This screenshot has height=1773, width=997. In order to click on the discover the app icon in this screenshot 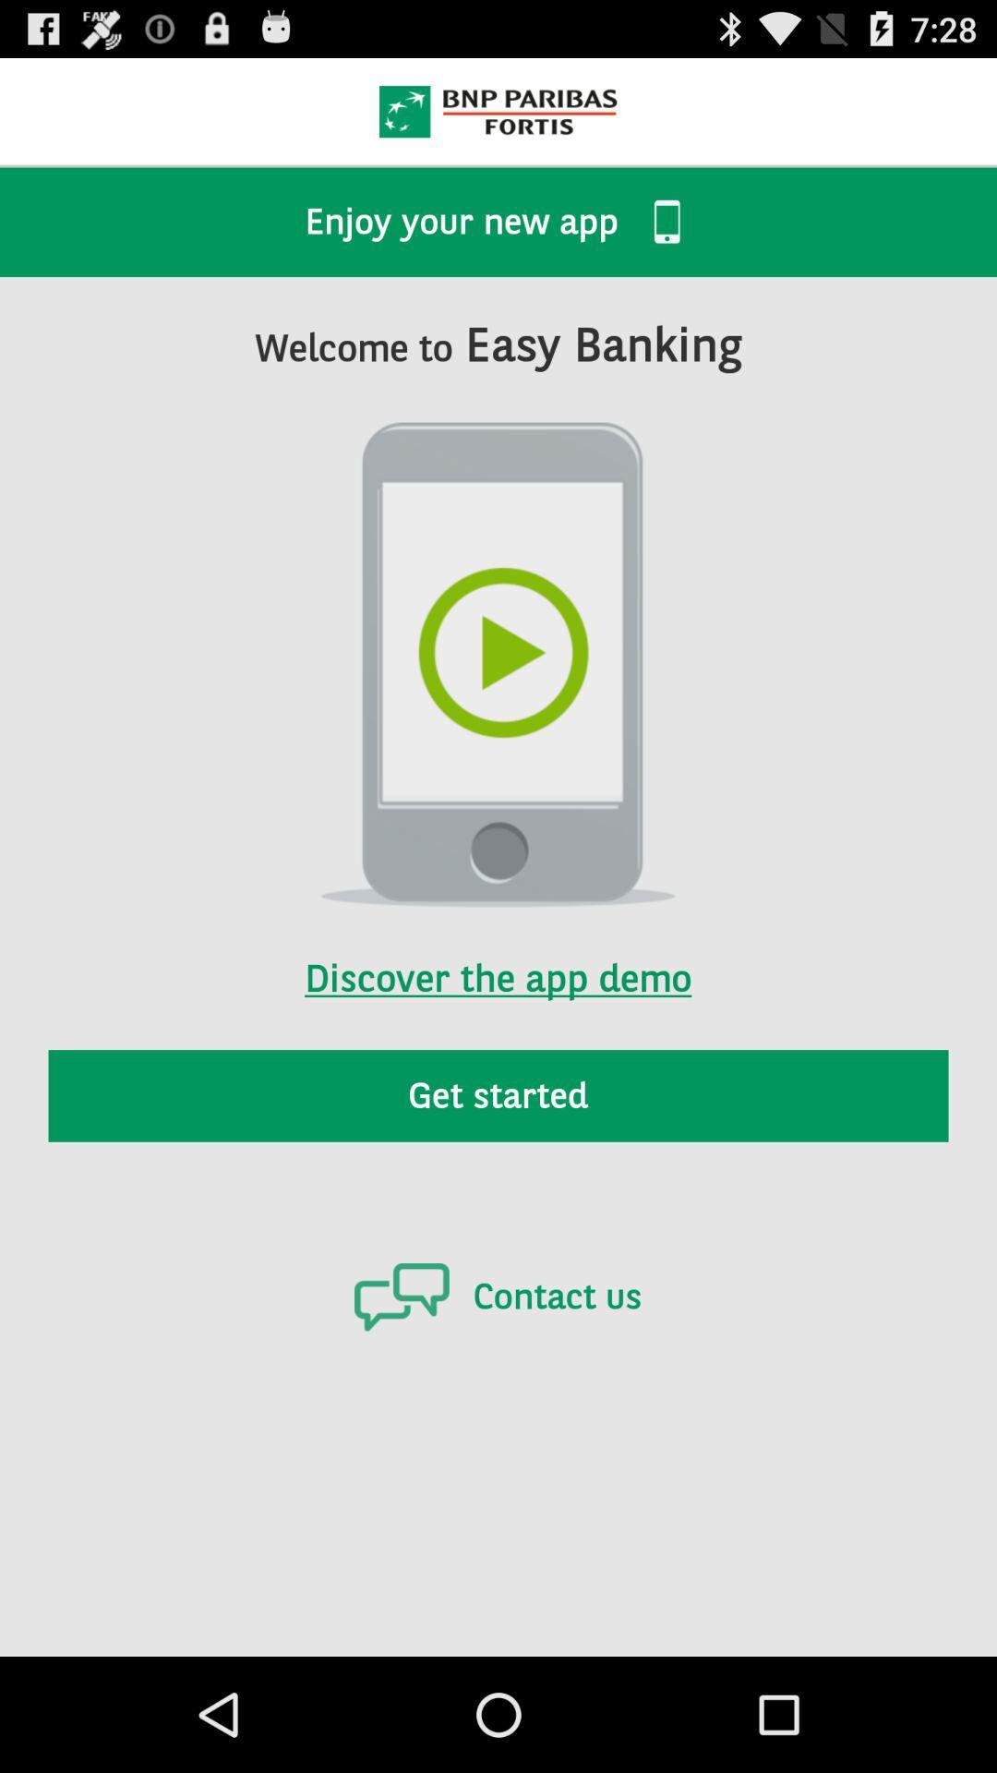, I will do `click(497, 954)`.